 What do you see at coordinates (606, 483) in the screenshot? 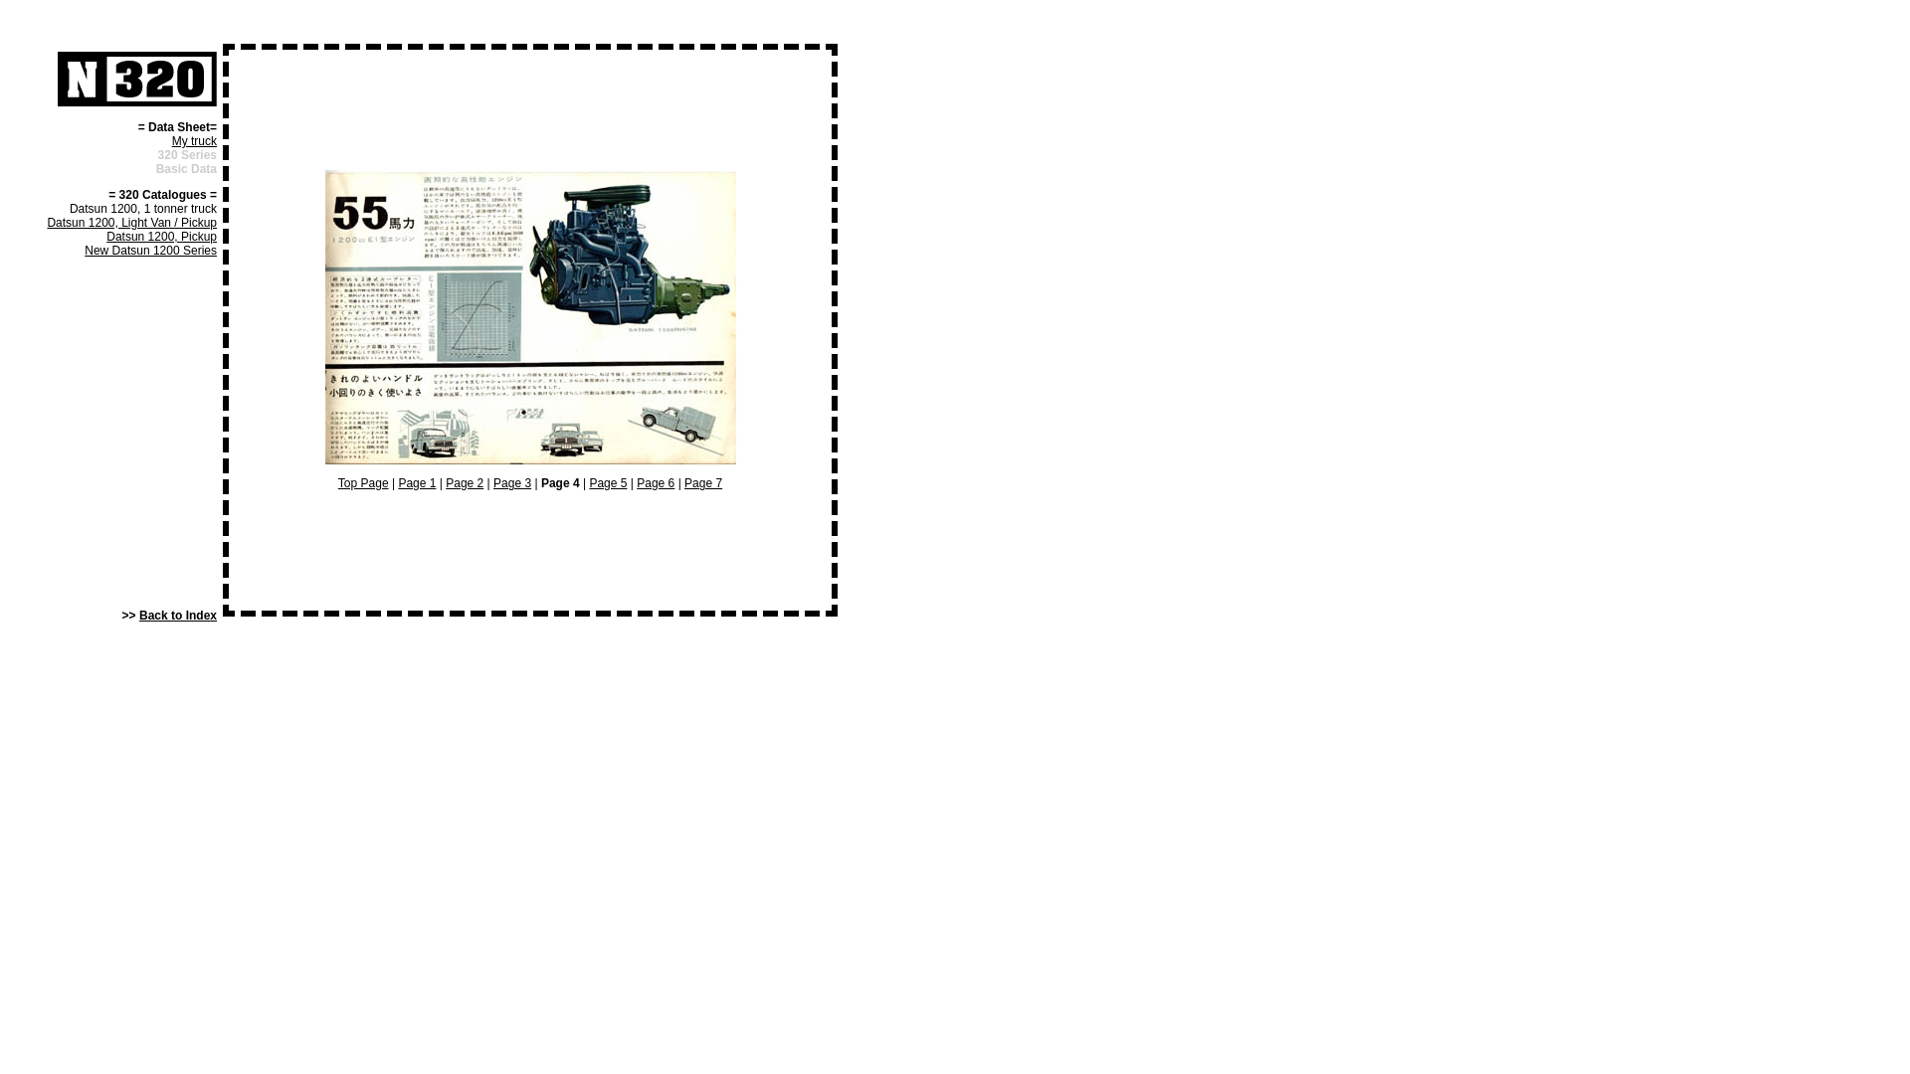
I see `'Page 5'` at bounding box center [606, 483].